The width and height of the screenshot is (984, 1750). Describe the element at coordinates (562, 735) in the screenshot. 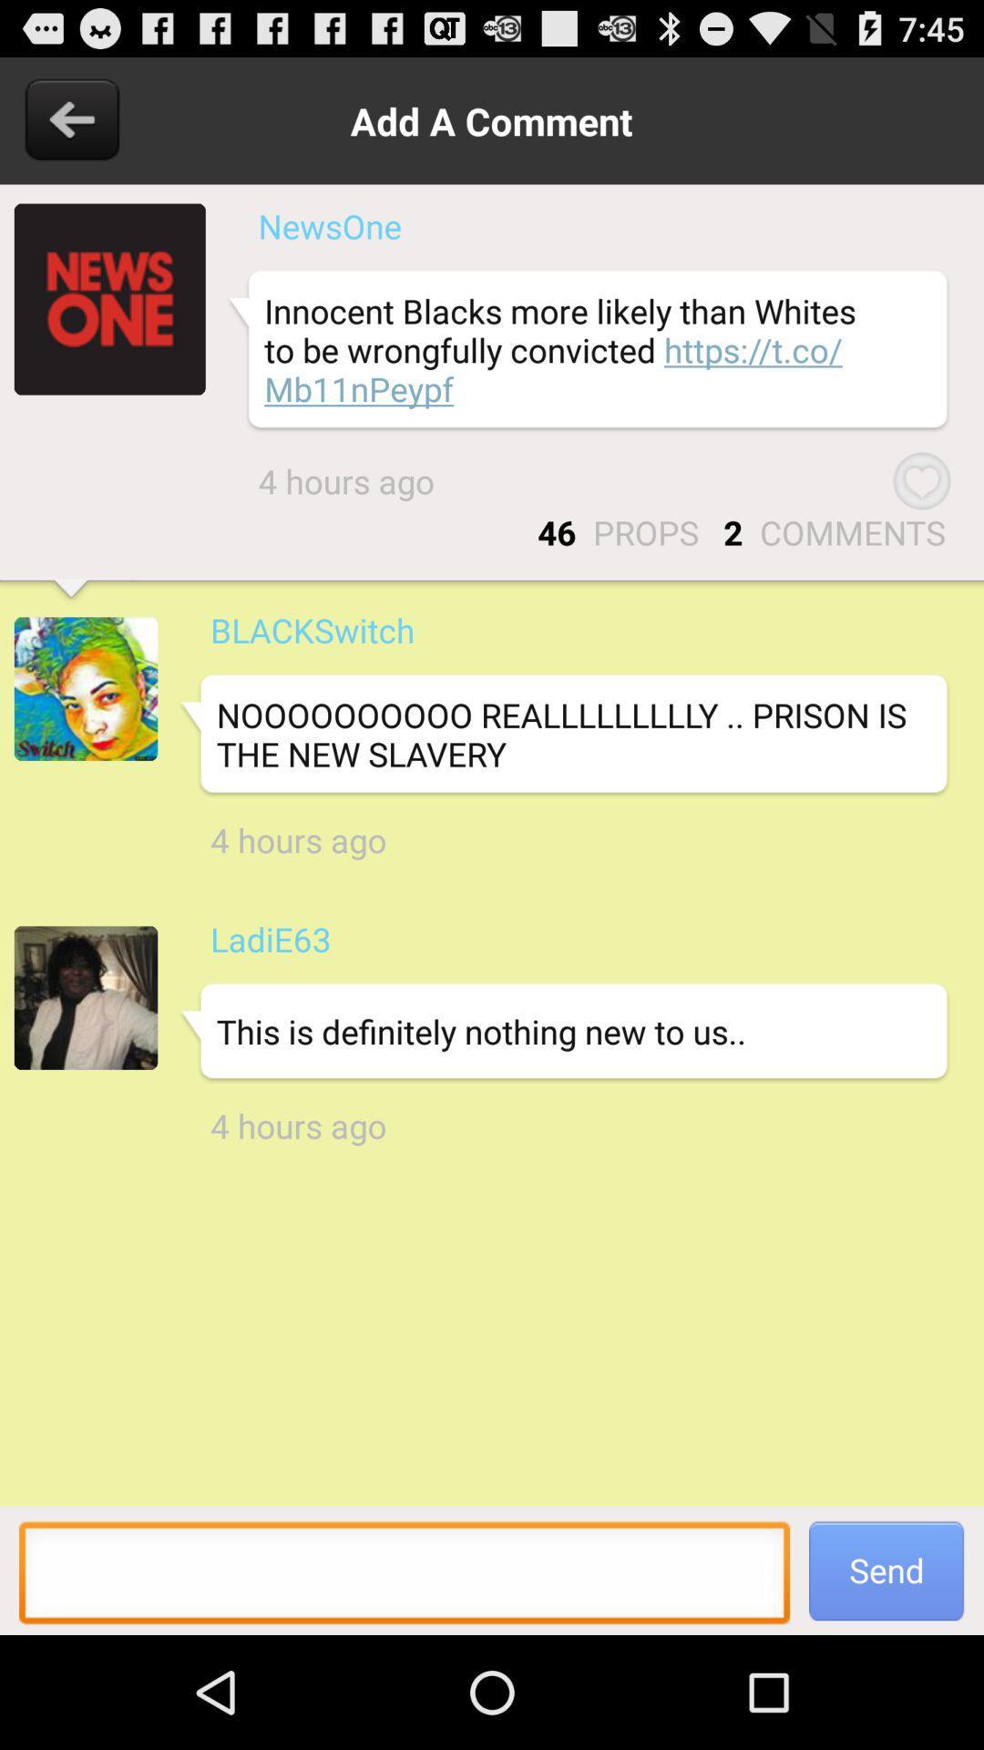

I see `item below blackswitch` at that location.